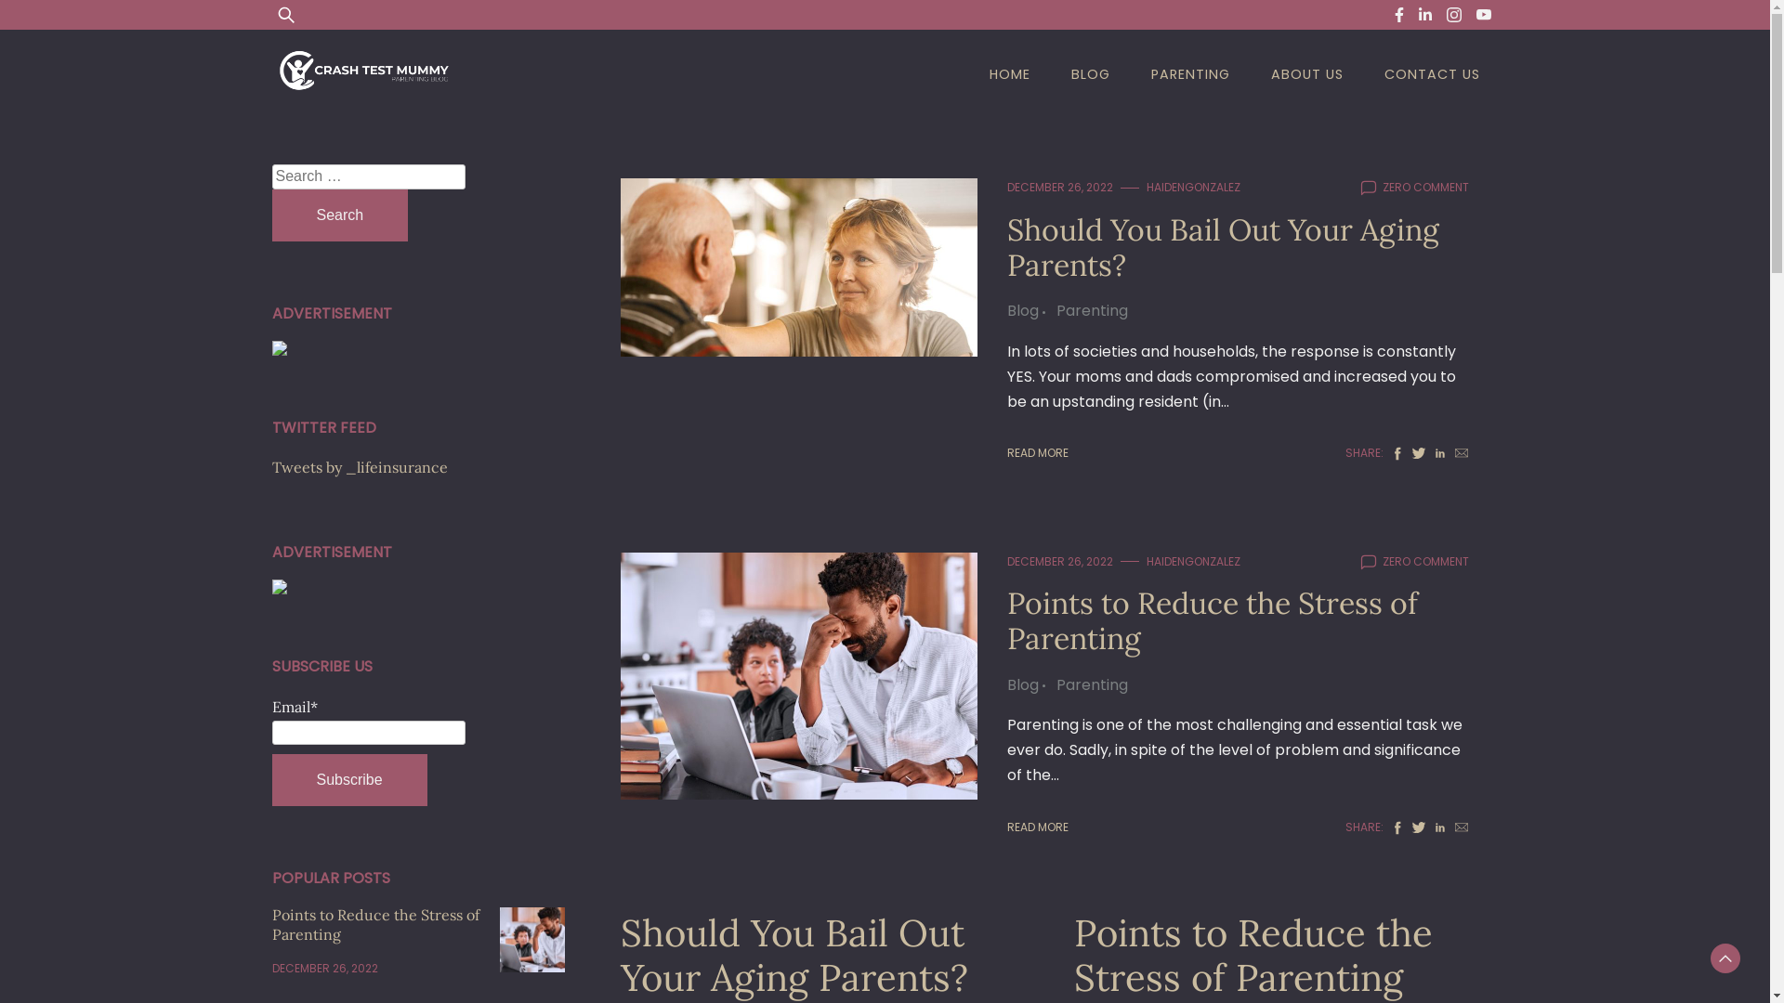  Describe the element at coordinates (1431, 73) in the screenshot. I see `'CONTACT US'` at that location.